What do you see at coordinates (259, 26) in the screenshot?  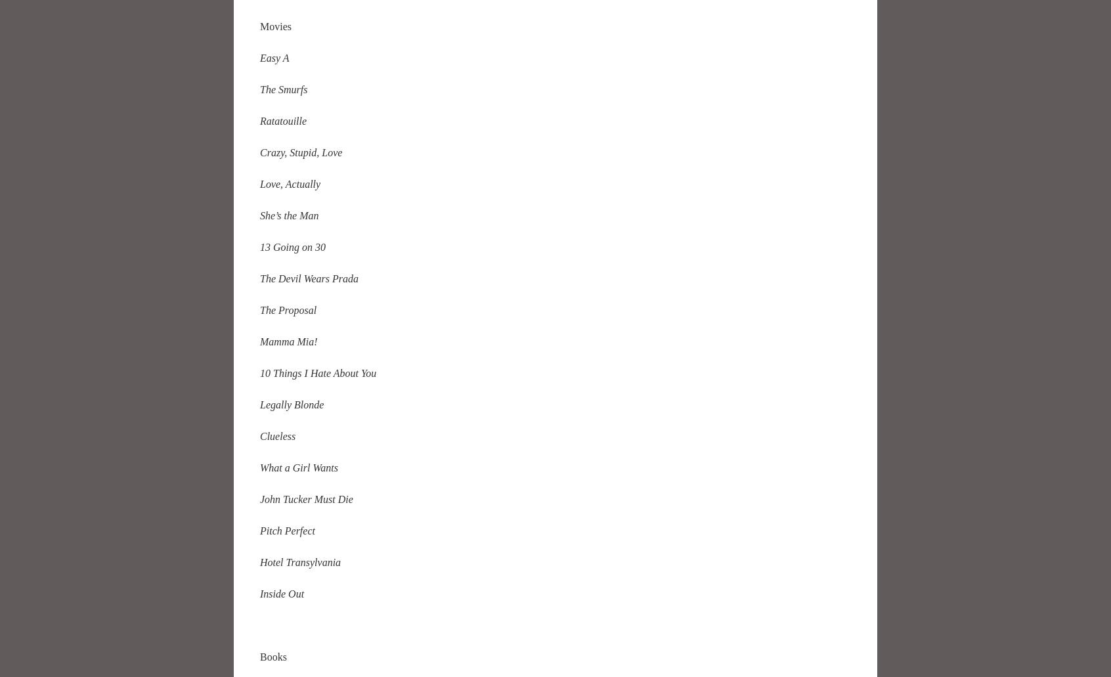 I see `'Movies'` at bounding box center [259, 26].